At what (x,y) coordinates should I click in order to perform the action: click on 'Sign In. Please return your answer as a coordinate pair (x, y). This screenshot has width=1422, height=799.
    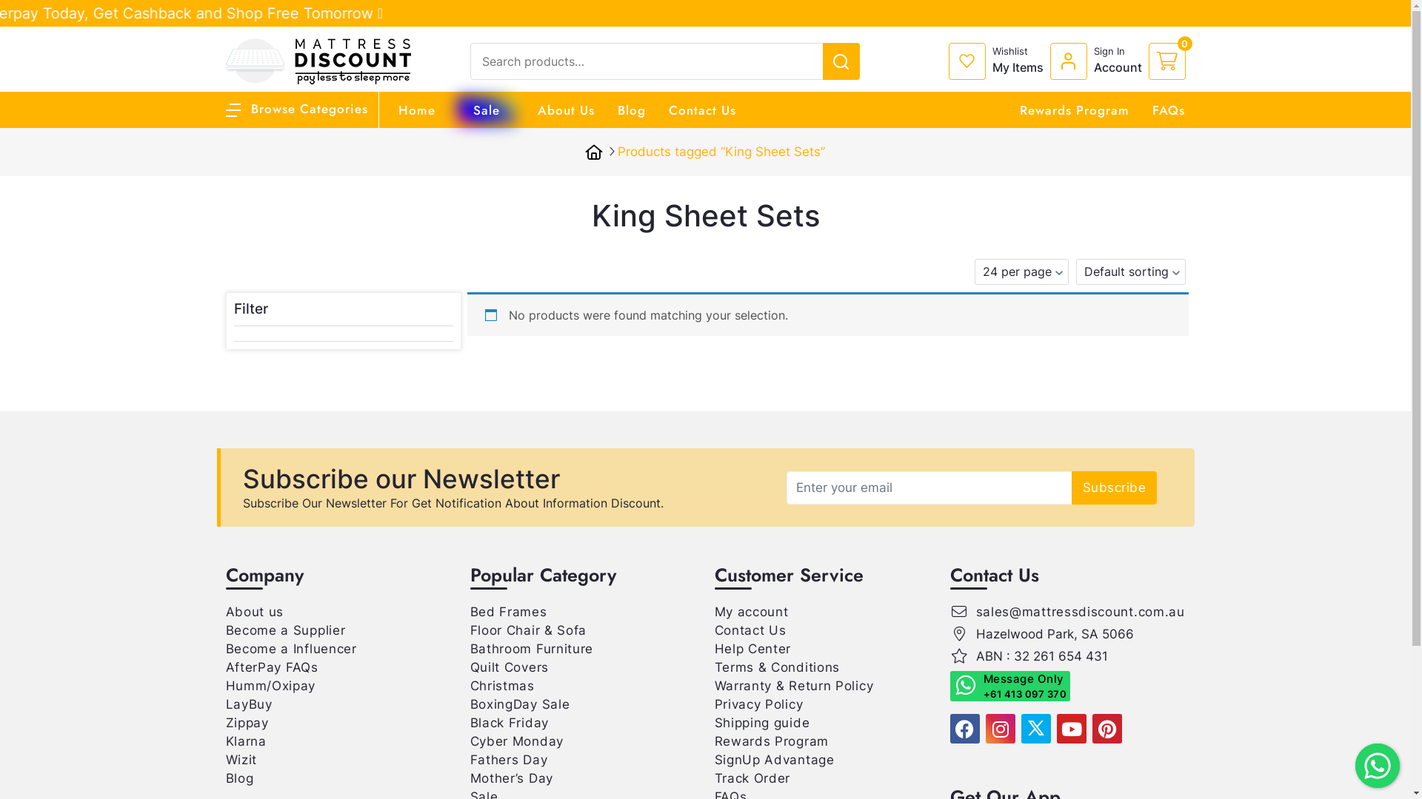
    Looking at the image, I should click on (1099, 61).